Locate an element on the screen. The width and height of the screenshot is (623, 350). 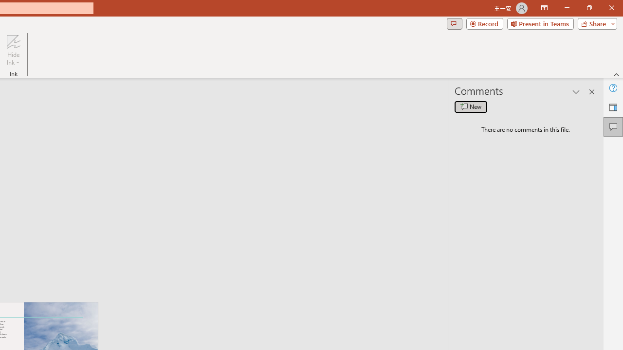
'New comment' is located at coordinates (471, 106).